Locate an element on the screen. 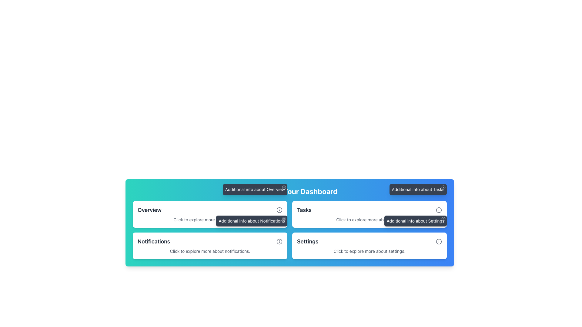 The image size is (582, 327). the vector graphic component (circle) that is part of the icon in the top-right area of the 'Settings' card is located at coordinates (439, 210).